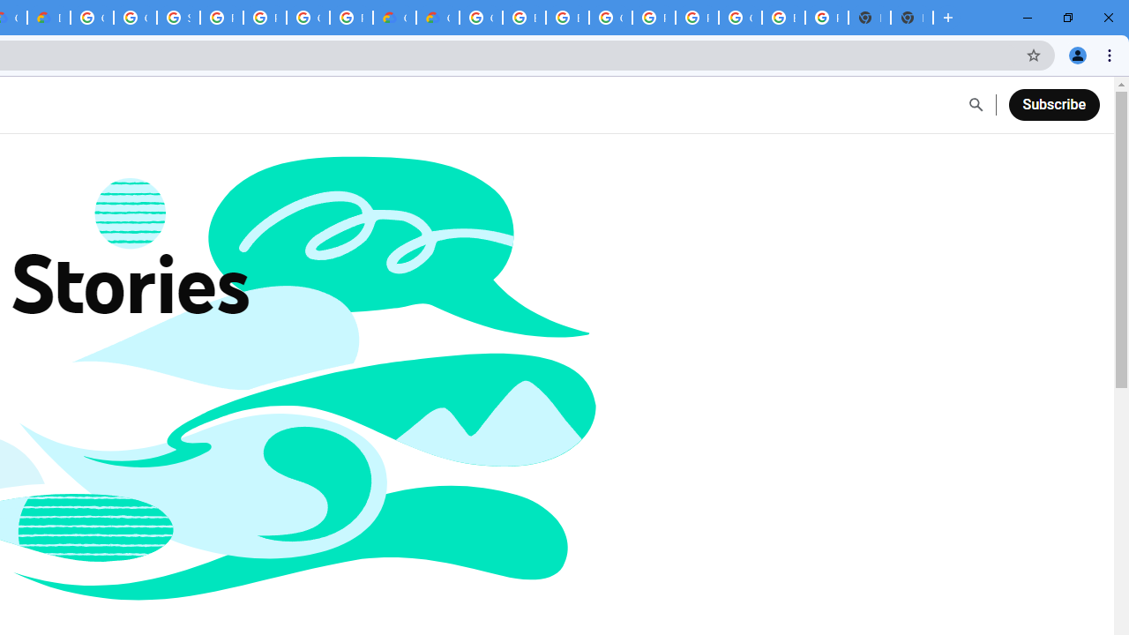 This screenshot has width=1129, height=635. I want to click on 'Customer Care | Google Cloud', so click(393, 18).